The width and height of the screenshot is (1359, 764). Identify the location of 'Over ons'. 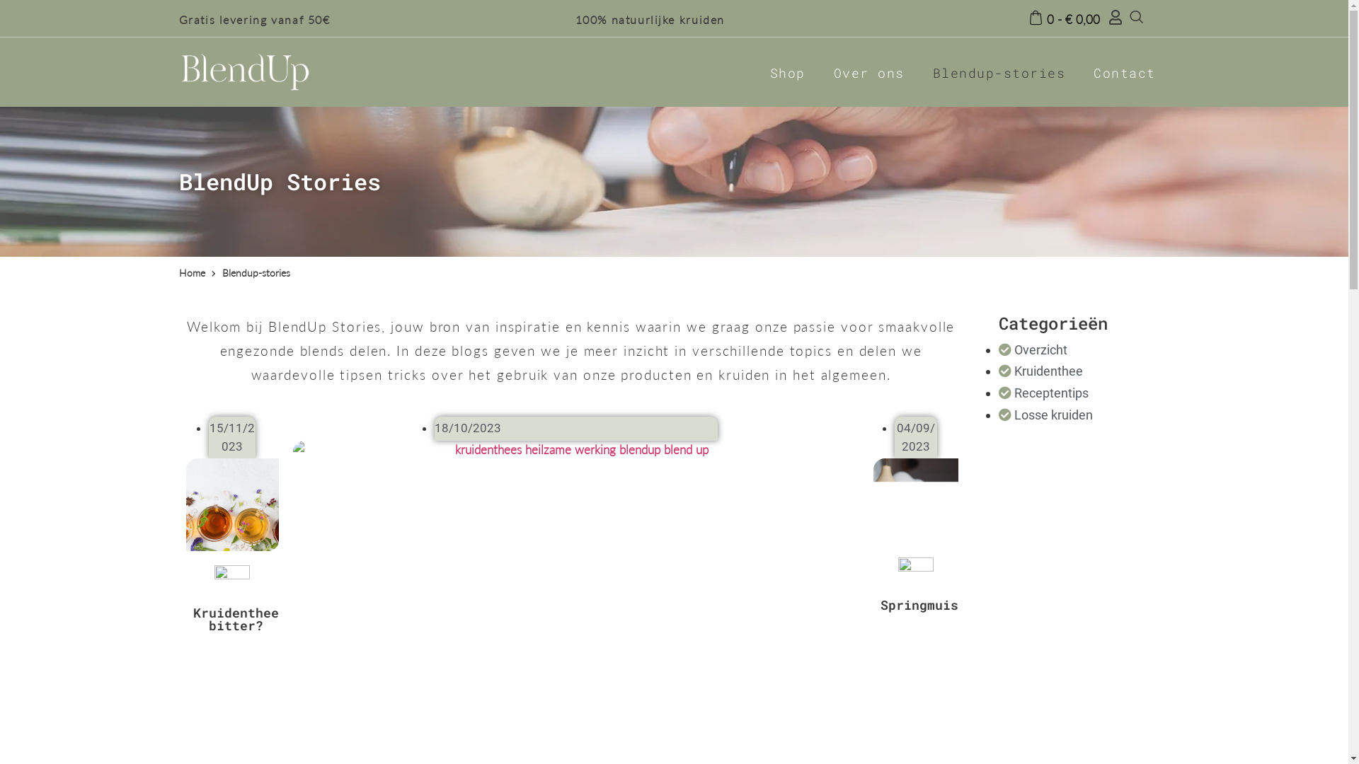
(868, 72).